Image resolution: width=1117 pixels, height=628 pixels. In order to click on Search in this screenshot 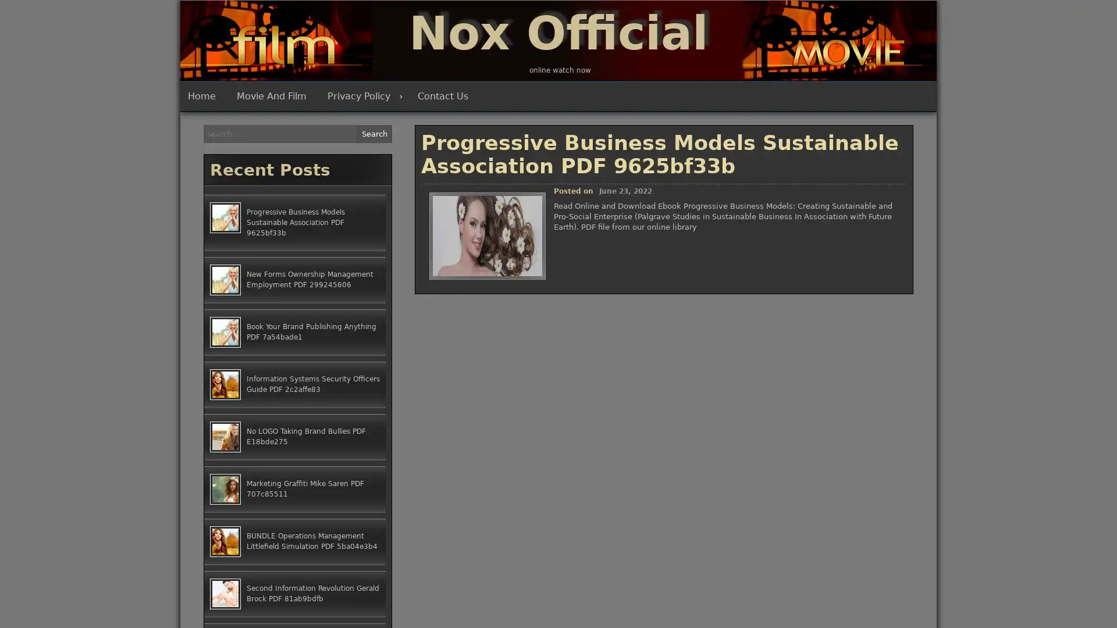, I will do `click(374, 133)`.